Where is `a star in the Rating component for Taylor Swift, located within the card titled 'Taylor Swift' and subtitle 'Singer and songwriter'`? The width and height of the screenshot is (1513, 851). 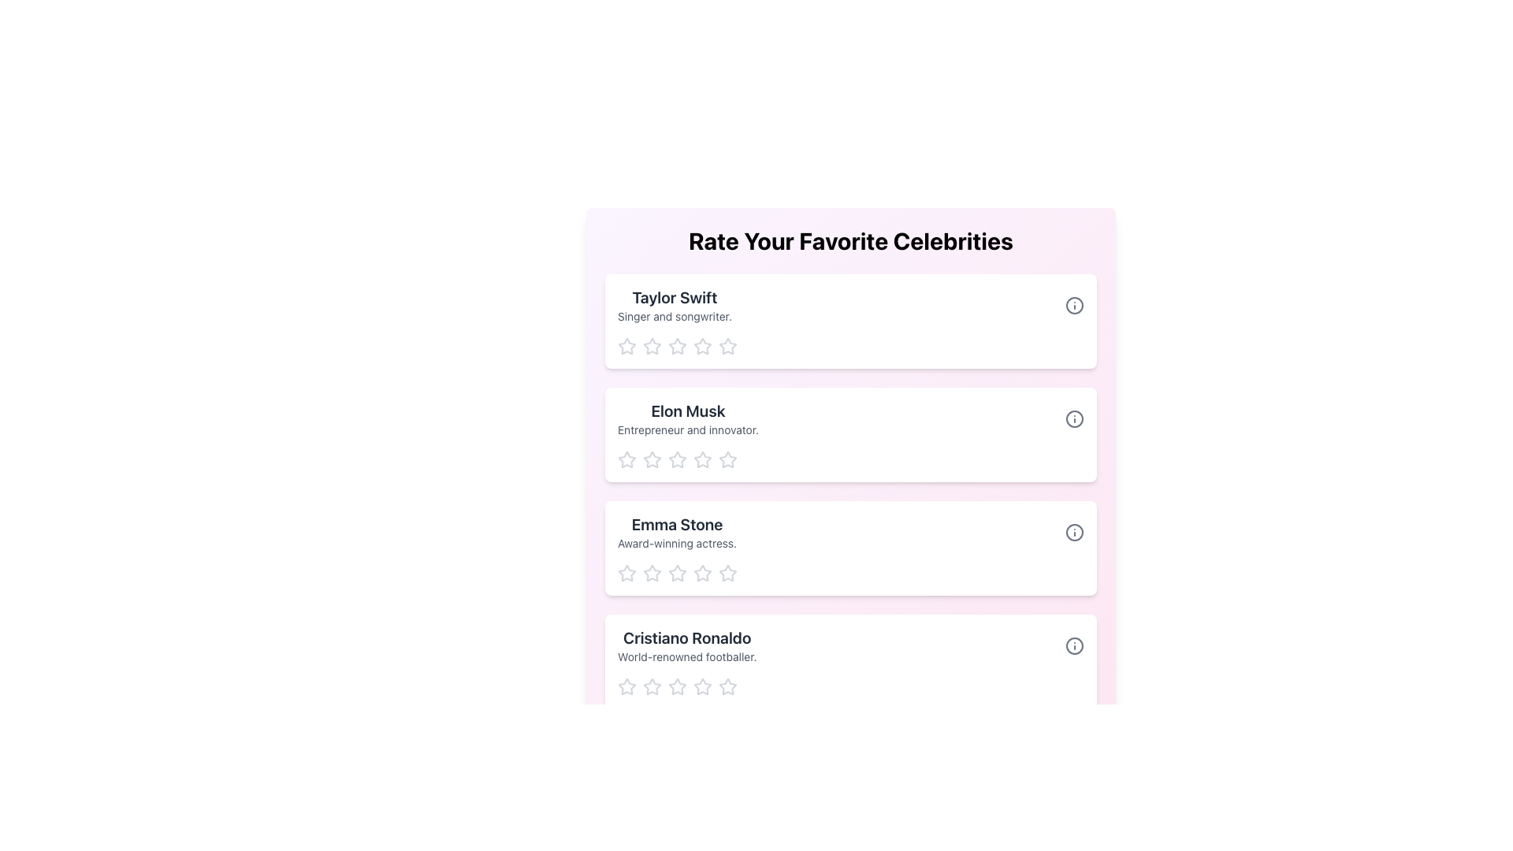 a star in the Rating component for Taylor Swift, located within the card titled 'Taylor Swift' and subtitle 'Singer and songwriter' is located at coordinates (850, 340).